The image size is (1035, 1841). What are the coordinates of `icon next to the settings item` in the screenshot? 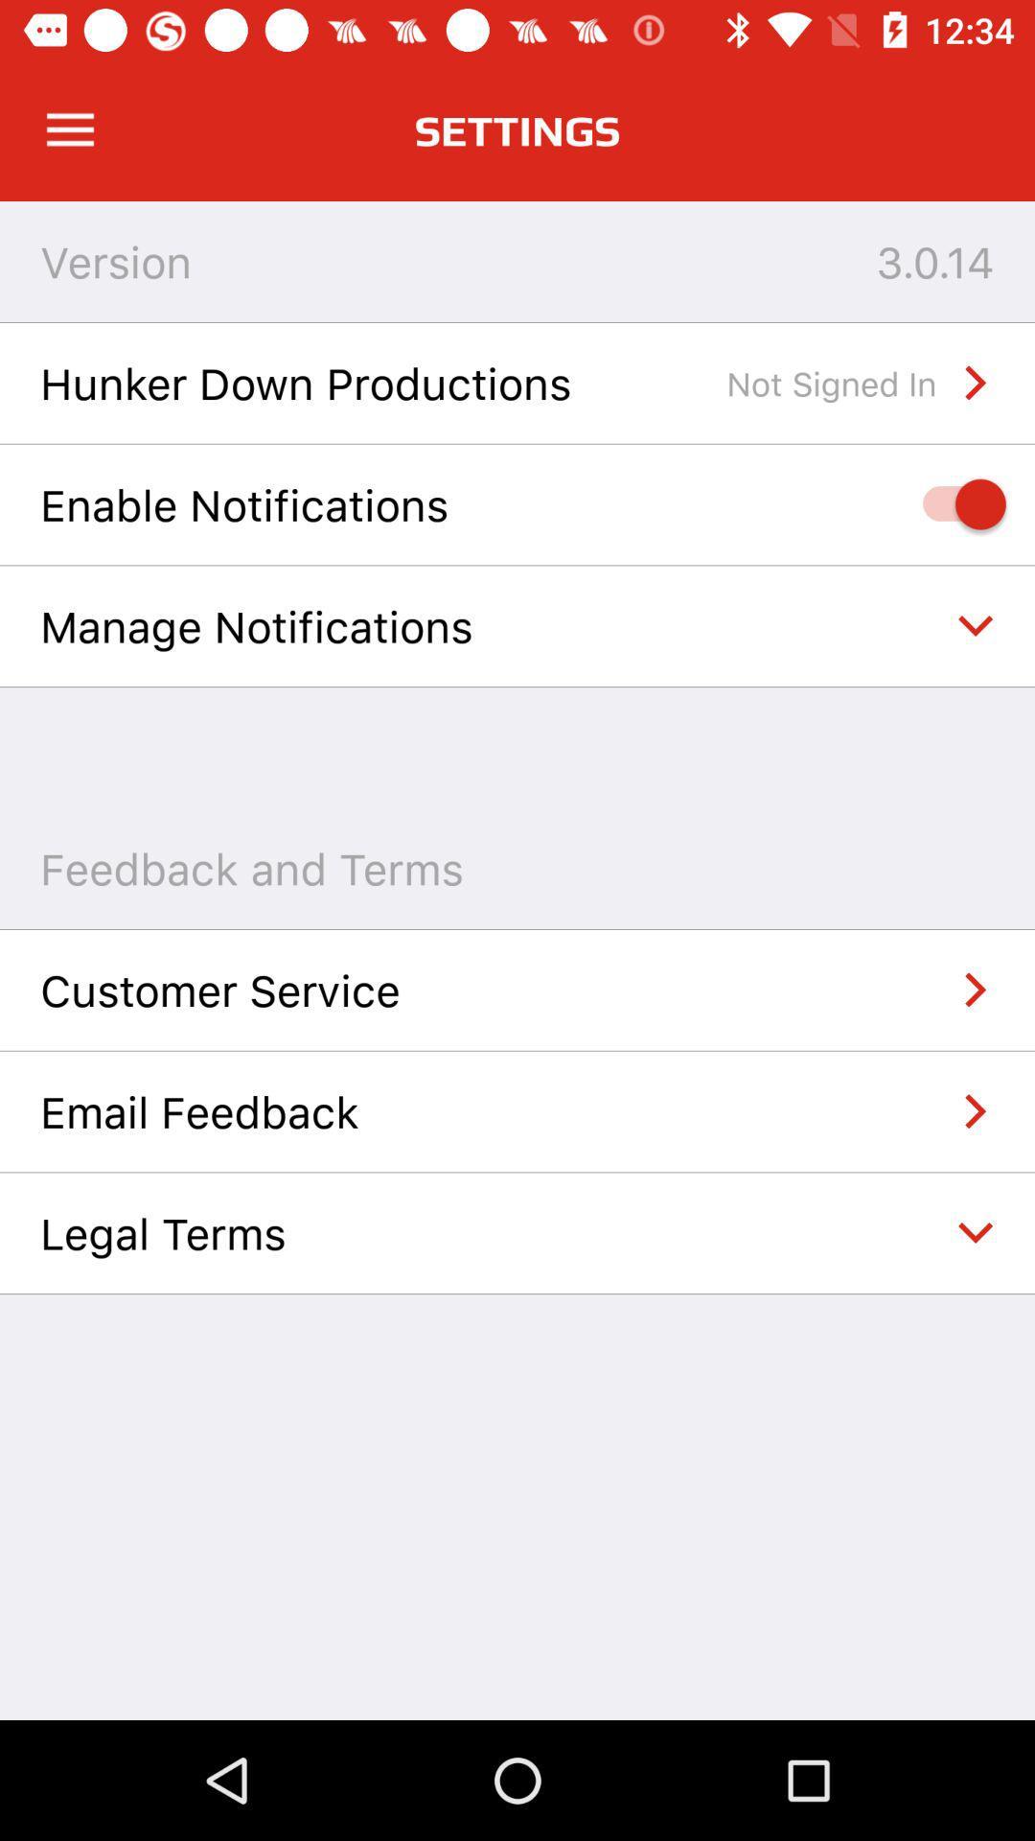 It's located at (69, 129).